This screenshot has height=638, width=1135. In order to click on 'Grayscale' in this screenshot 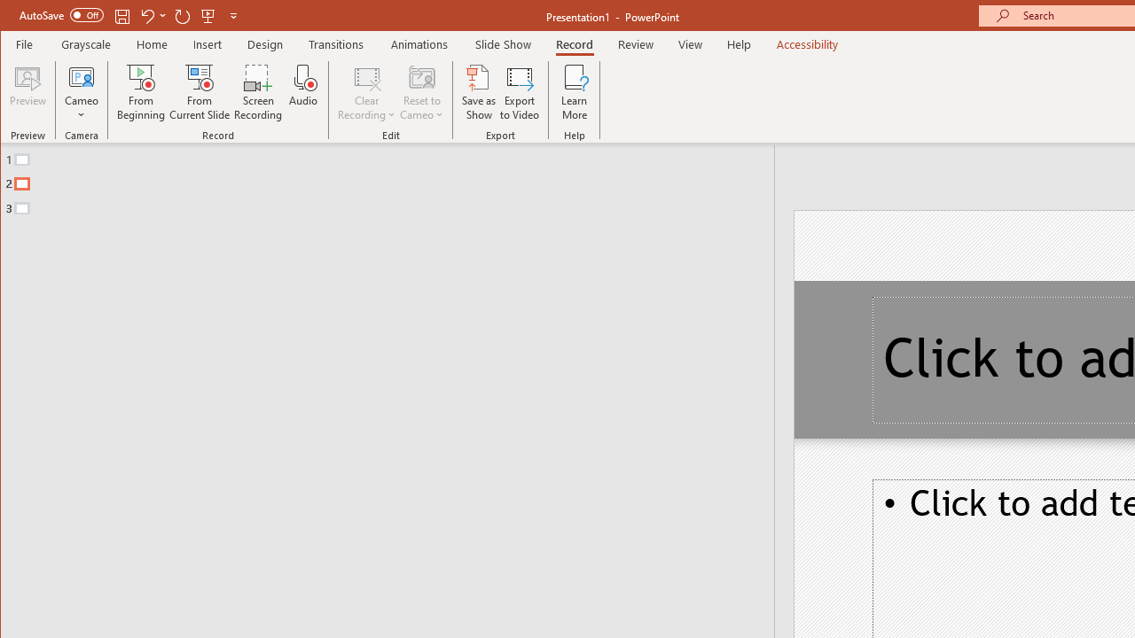, I will do `click(85, 43)`.